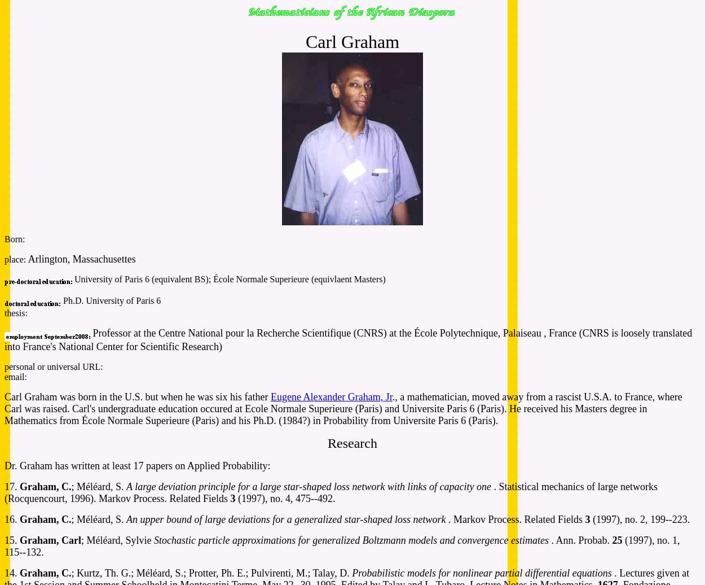  Describe the element at coordinates (341, 546) in the screenshot. I see `'(1997), no. 1, 115--132.'` at that location.